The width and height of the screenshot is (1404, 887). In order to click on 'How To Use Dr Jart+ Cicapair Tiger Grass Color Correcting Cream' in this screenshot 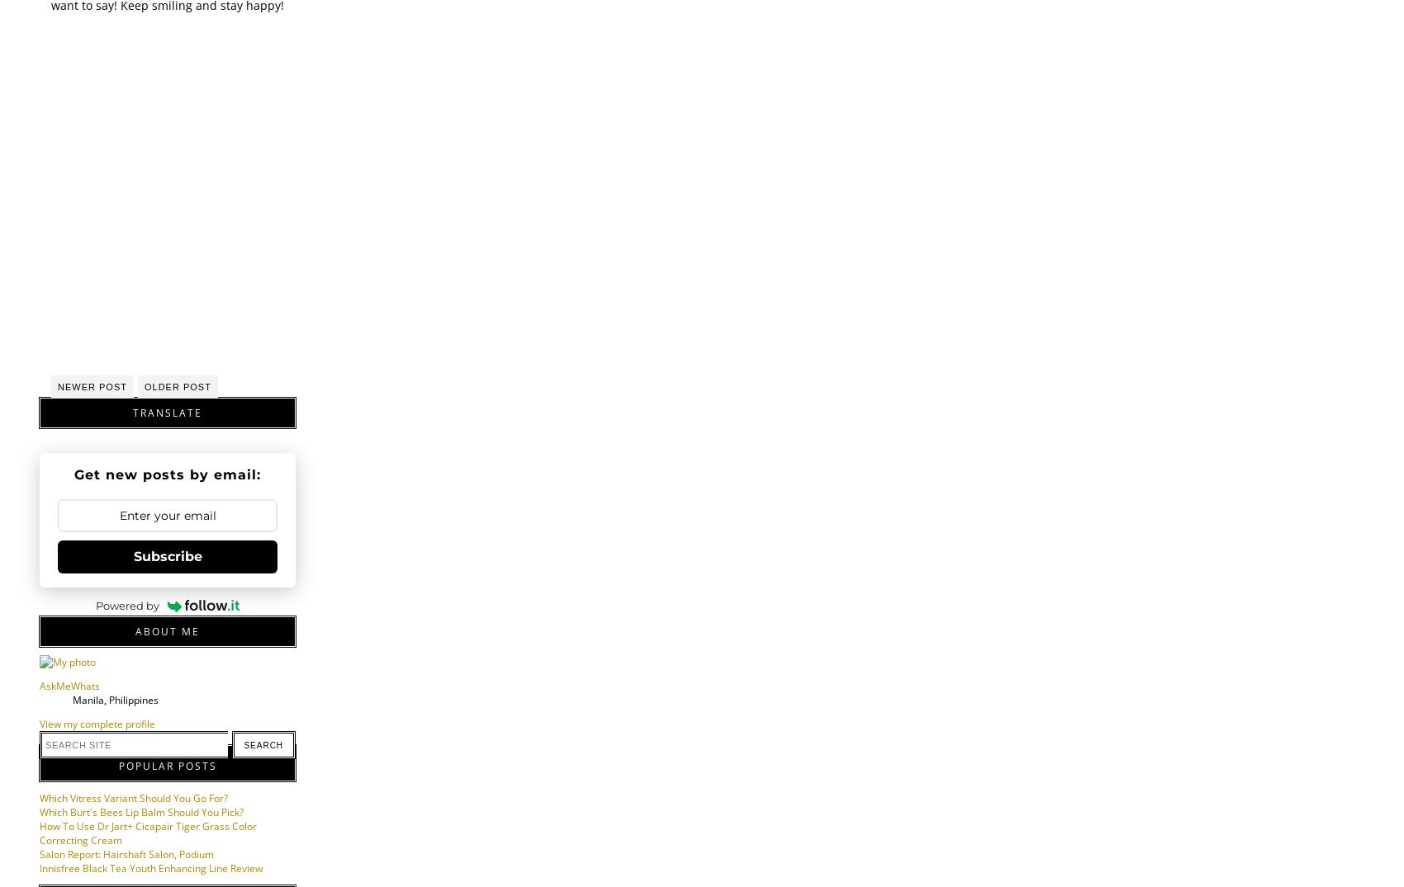, I will do `click(39, 832)`.